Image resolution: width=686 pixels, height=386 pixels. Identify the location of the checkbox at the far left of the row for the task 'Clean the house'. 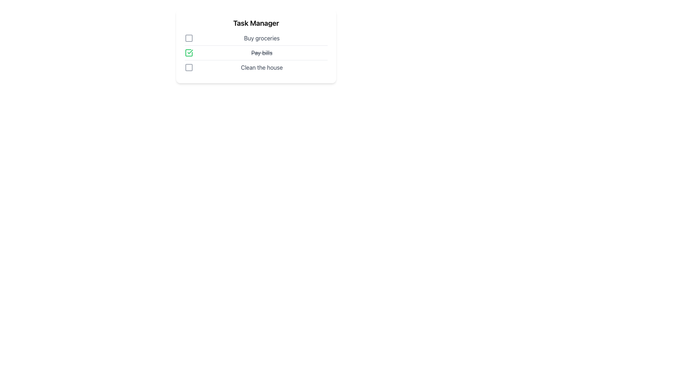
(189, 68).